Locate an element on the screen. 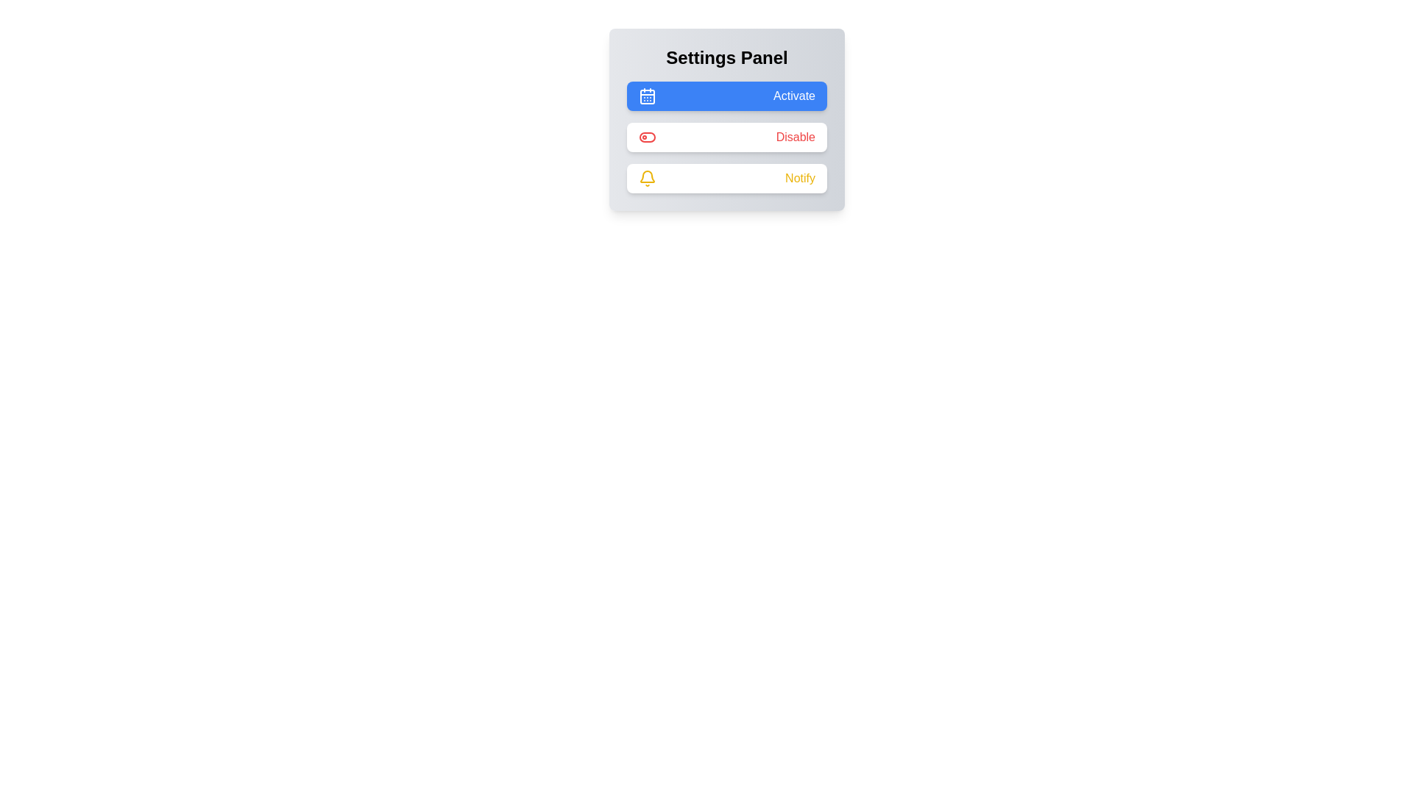 This screenshot has height=794, width=1413. the notification toggle button located in the settings panel, which is the third button in a vertical stack of three buttons, positioned below the 'Disable' button is located at coordinates (727, 178).